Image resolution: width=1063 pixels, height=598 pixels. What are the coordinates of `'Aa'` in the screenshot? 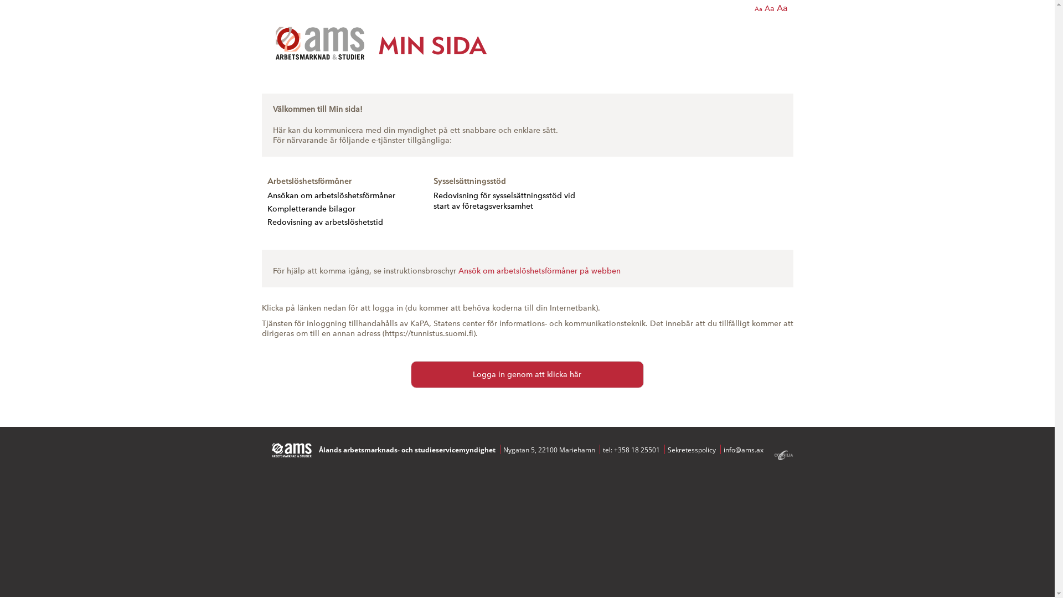 It's located at (757, 9).